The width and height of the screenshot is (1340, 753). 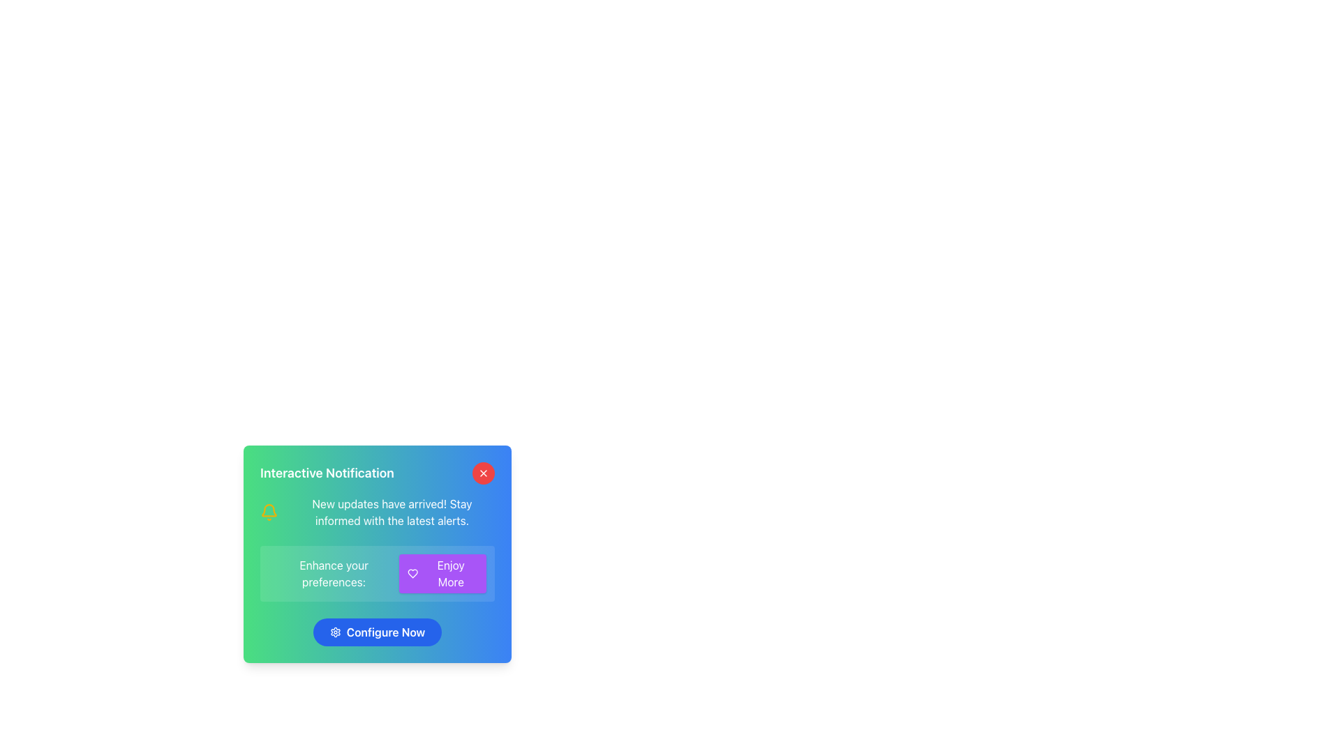 I want to click on the bell-shaped icon with a hollow interior, styled with a yellow fill, located in the top left corner of the notification card, so click(x=269, y=510).